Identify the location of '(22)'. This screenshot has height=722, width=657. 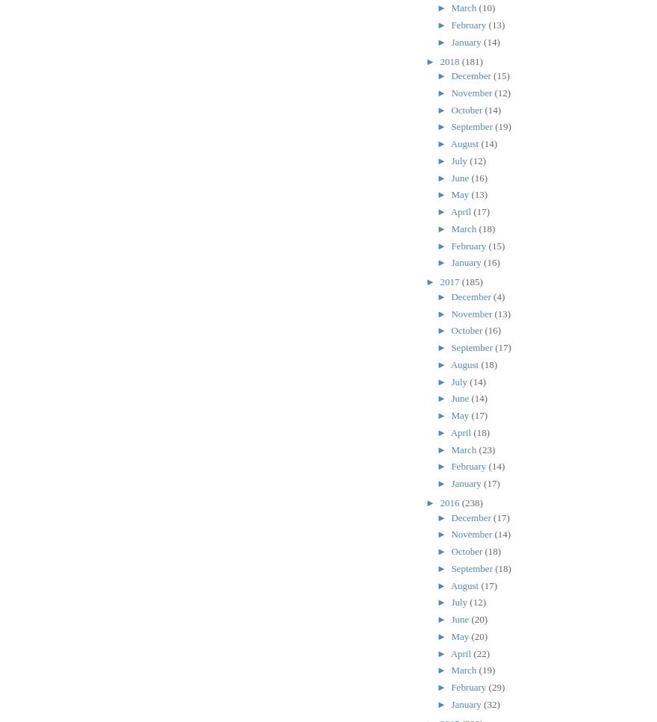
(482, 652).